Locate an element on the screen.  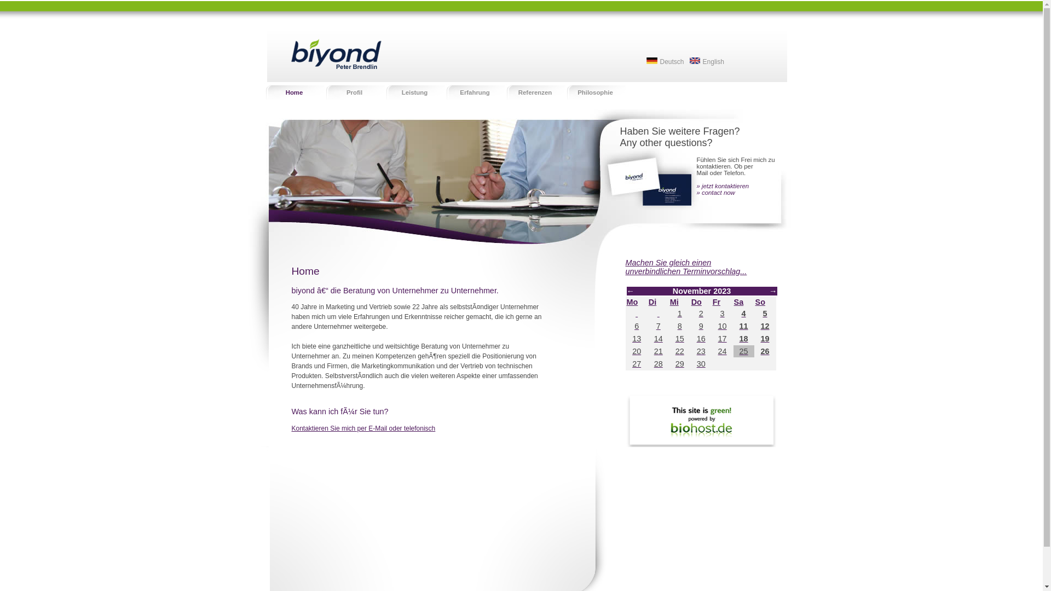
'15' is located at coordinates (679, 338).